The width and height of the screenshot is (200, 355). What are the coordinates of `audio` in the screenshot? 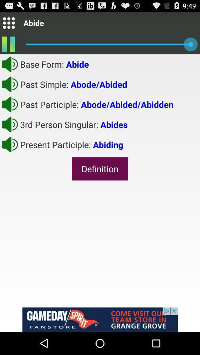 It's located at (10, 104).